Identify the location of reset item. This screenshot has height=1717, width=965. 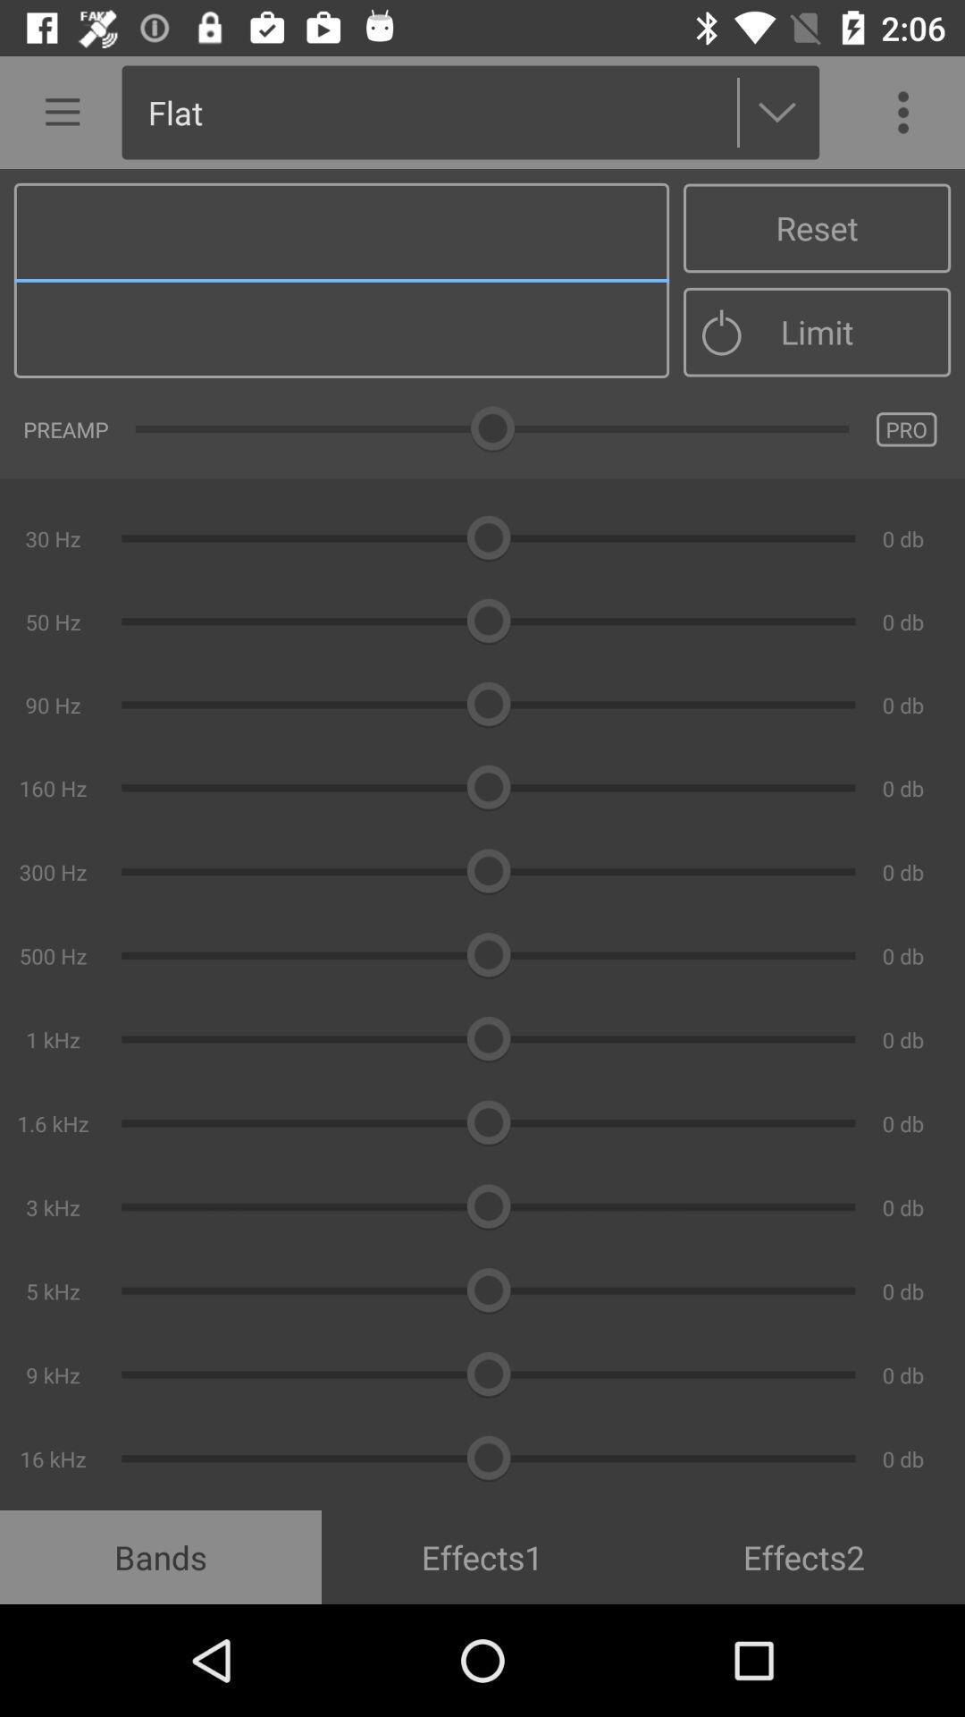
(817, 227).